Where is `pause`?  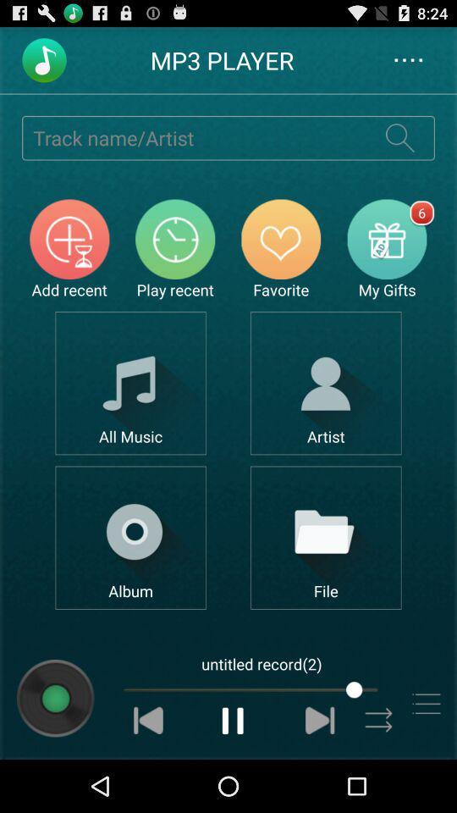 pause is located at coordinates (233, 719).